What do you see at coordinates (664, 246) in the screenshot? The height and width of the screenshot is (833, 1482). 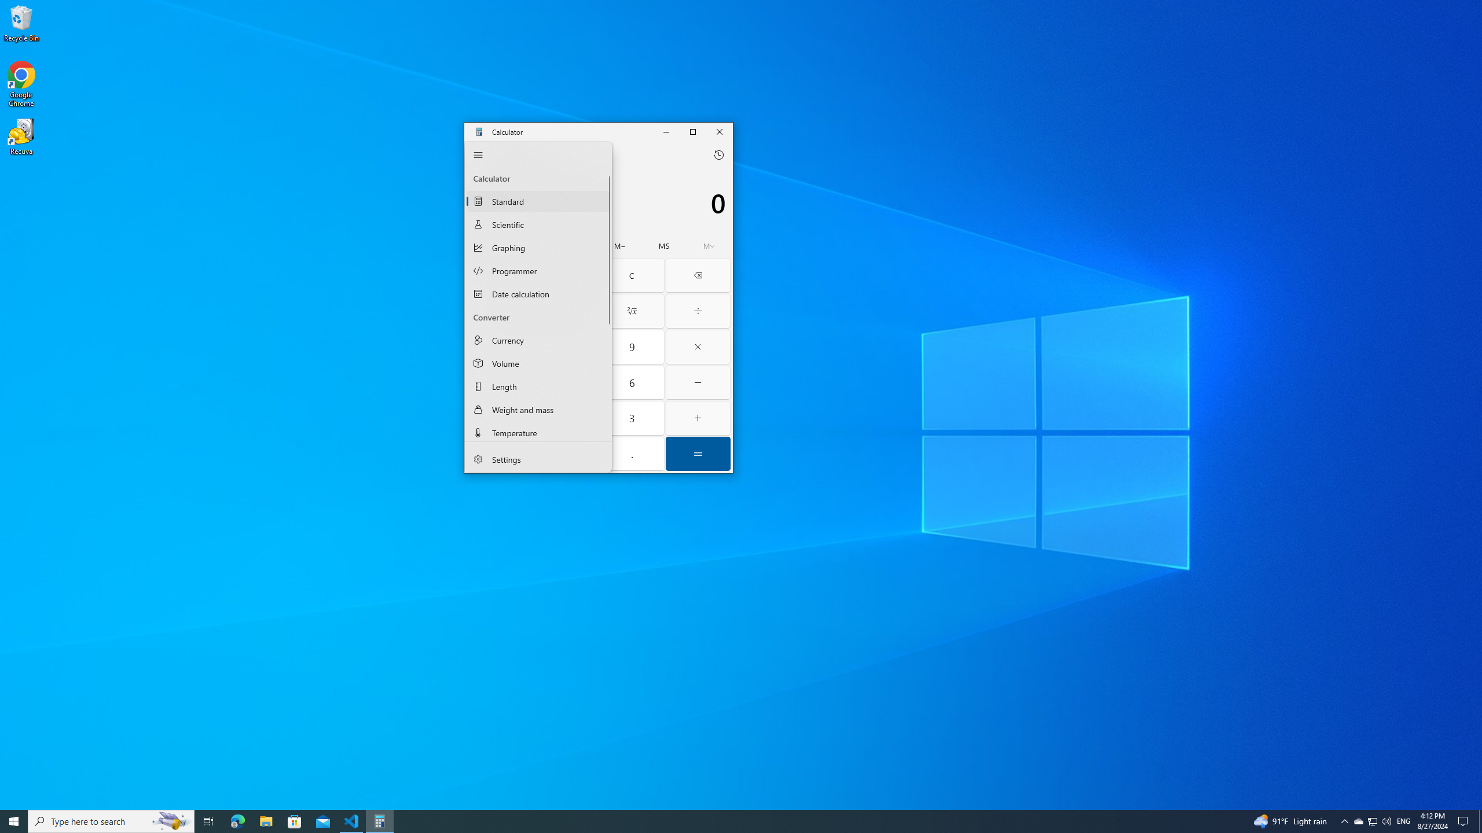 I see `'Memory store'` at bounding box center [664, 246].